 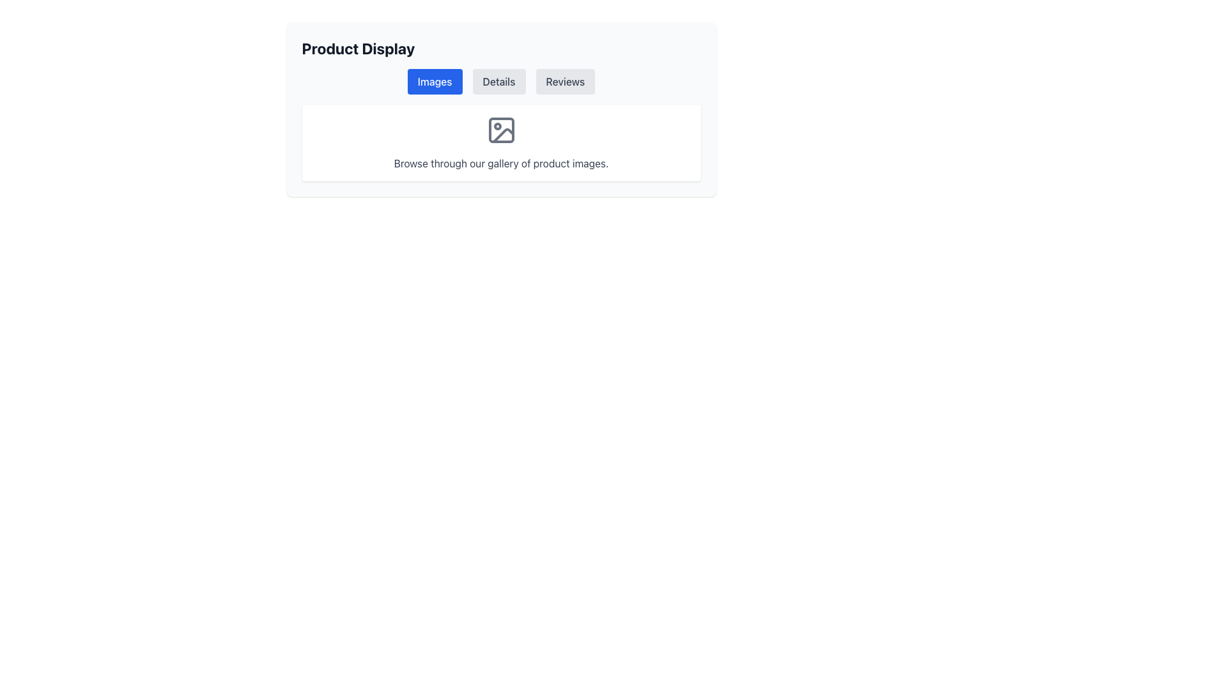 I want to click on the 'Details' button in the navigation menu located beneath the 'Product Display' header, so click(x=500, y=81).